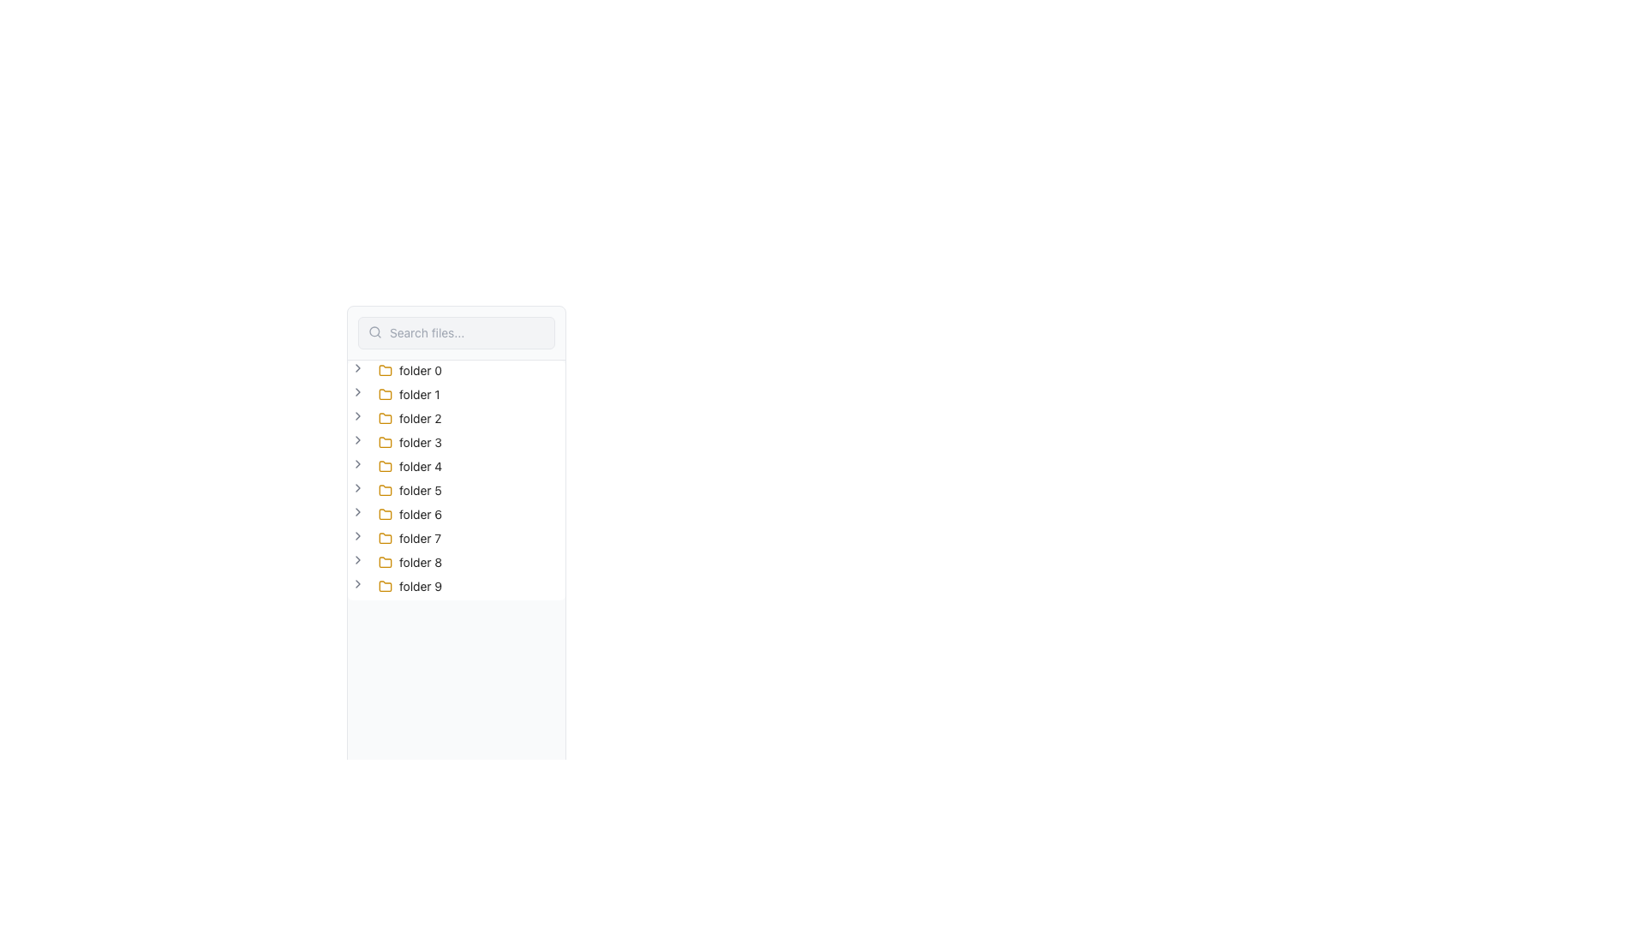  I want to click on the 'folder 9' label with icon, which is the last item, so click(410, 586).